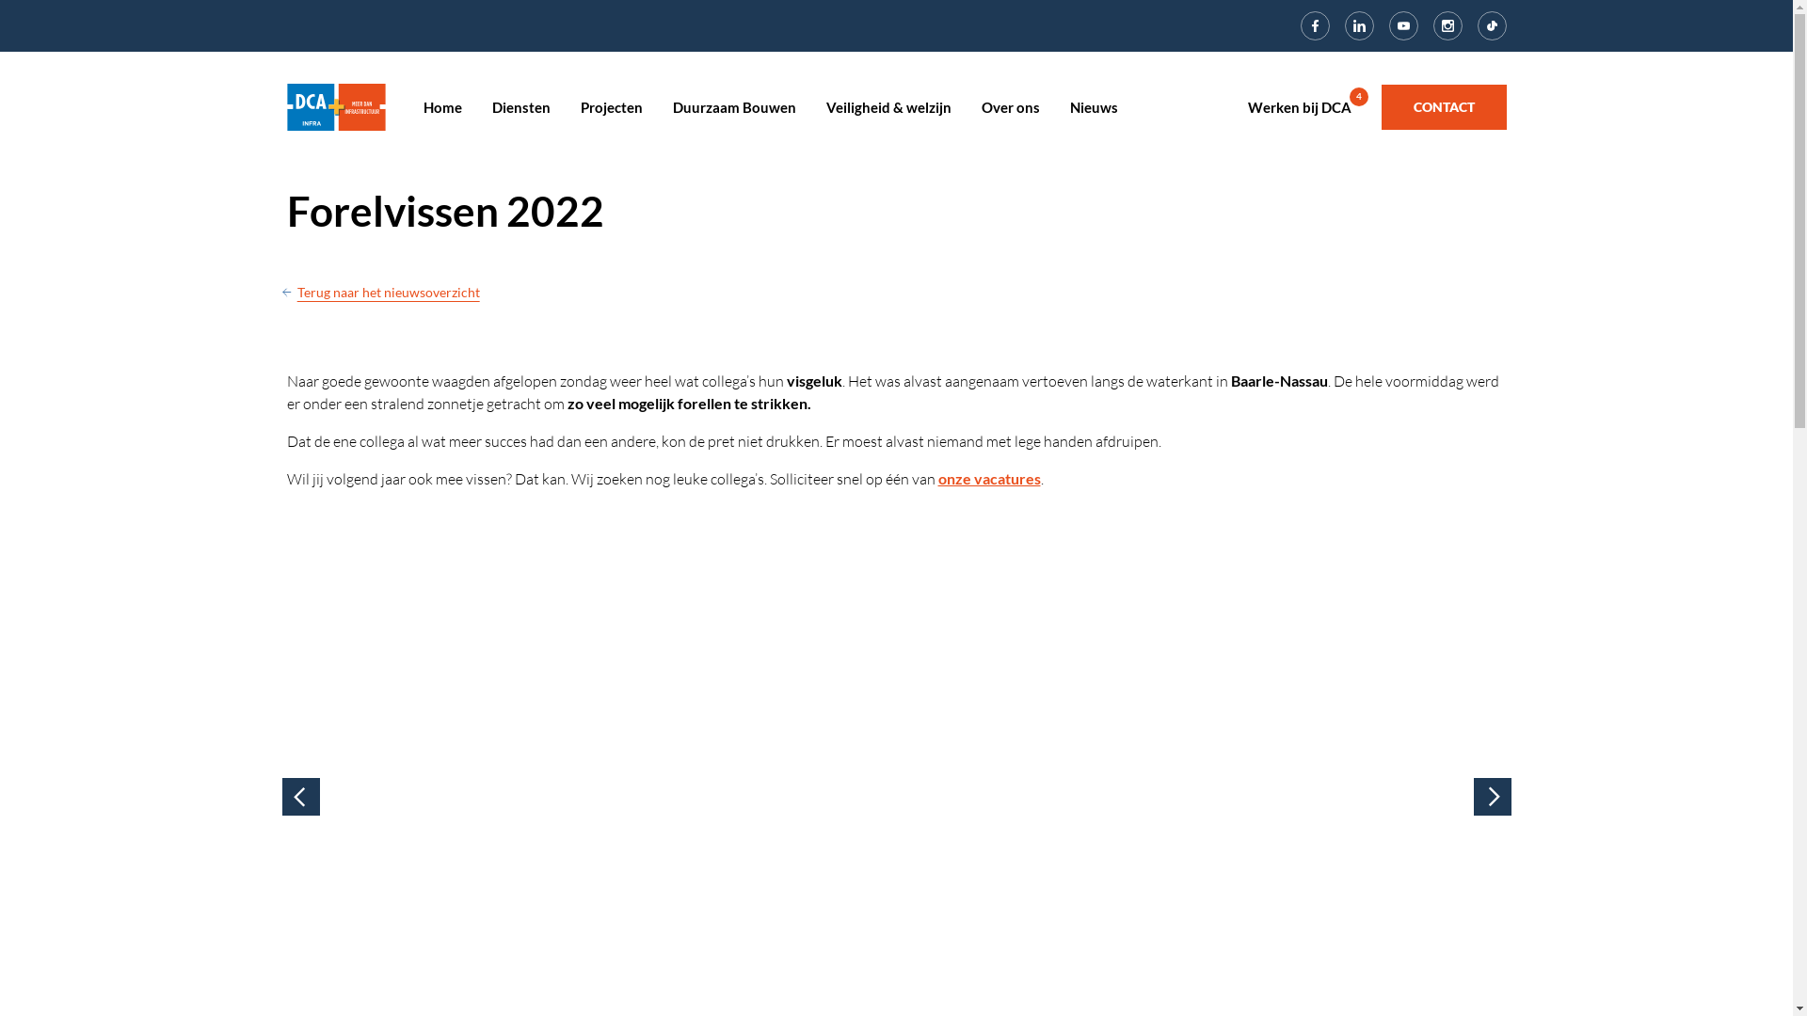  Describe the element at coordinates (610, 107) in the screenshot. I see `'Projecten'` at that location.